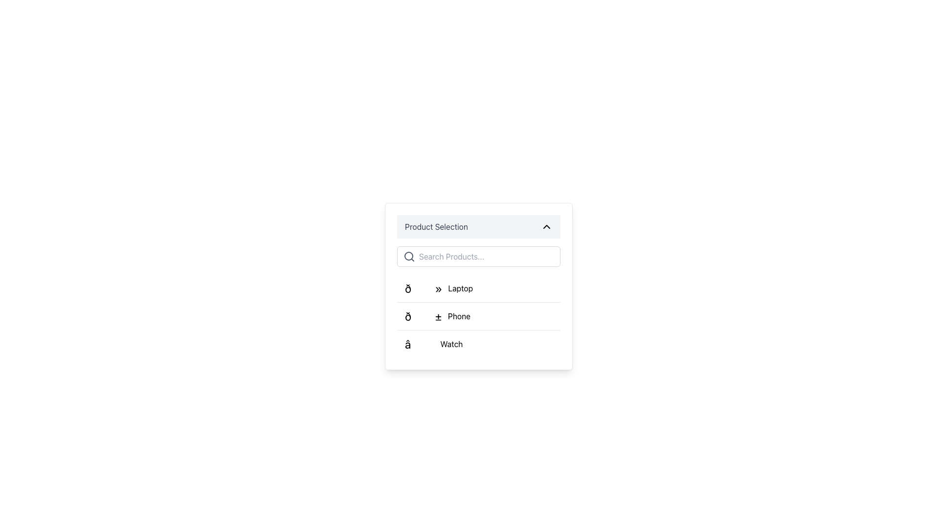 This screenshot has height=528, width=939. Describe the element at coordinates (423, 288) in the screenshot. I see `the decorative icon representing the item 'Laptop', which is the first element in a dropdown-like menu located near the top left corner` at that location.